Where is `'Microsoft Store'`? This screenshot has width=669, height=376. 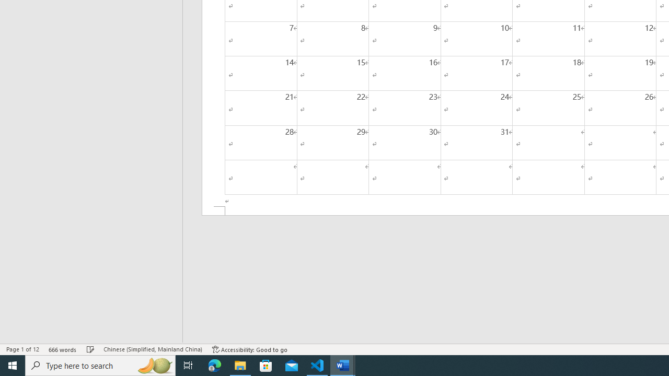
'Microsoft Store' is located at coordinates (266, 365).